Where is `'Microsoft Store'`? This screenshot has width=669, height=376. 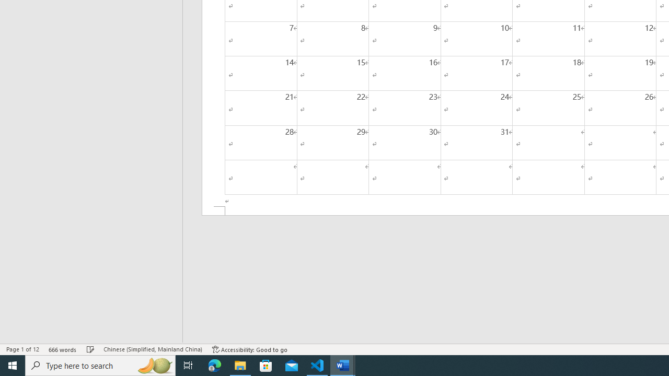
'Microsoft Store' is located at coordinates (266, 365).